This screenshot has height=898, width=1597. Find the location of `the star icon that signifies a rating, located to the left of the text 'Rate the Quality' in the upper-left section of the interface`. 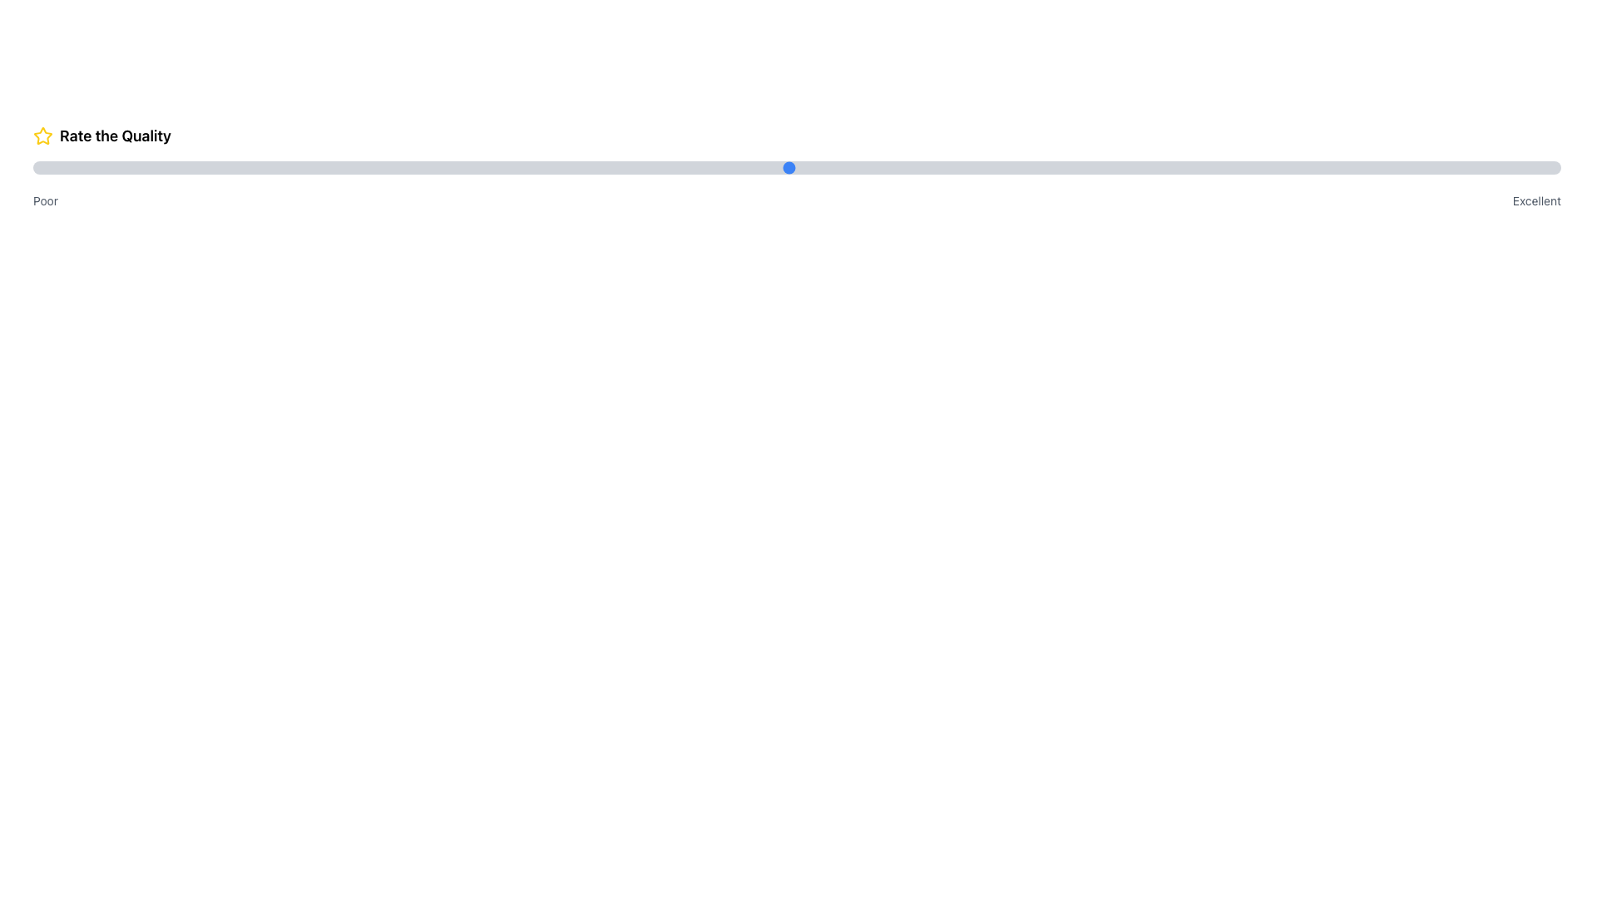

the star icon that signifies a rating, located to the left of the text 'Rate the Quality' in the upper-left section of the interface is located at coordinates (43, 135).